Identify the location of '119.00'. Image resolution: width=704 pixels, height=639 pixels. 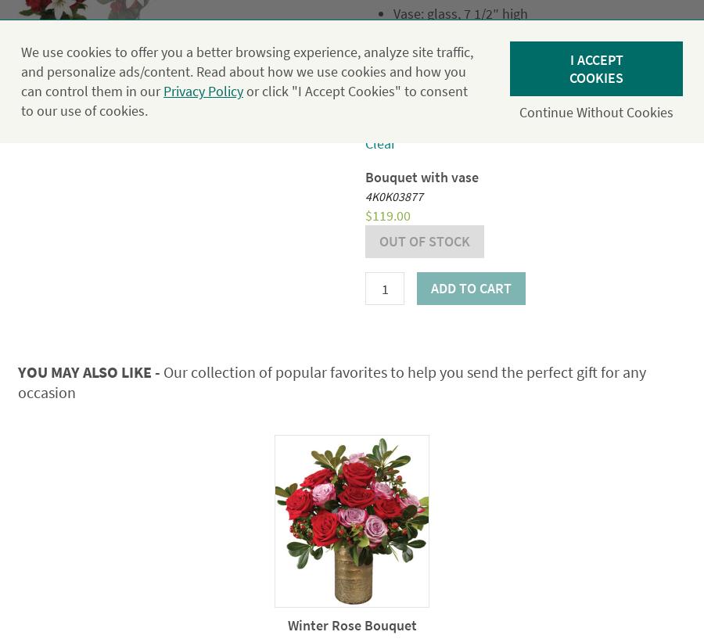
(390, 215).